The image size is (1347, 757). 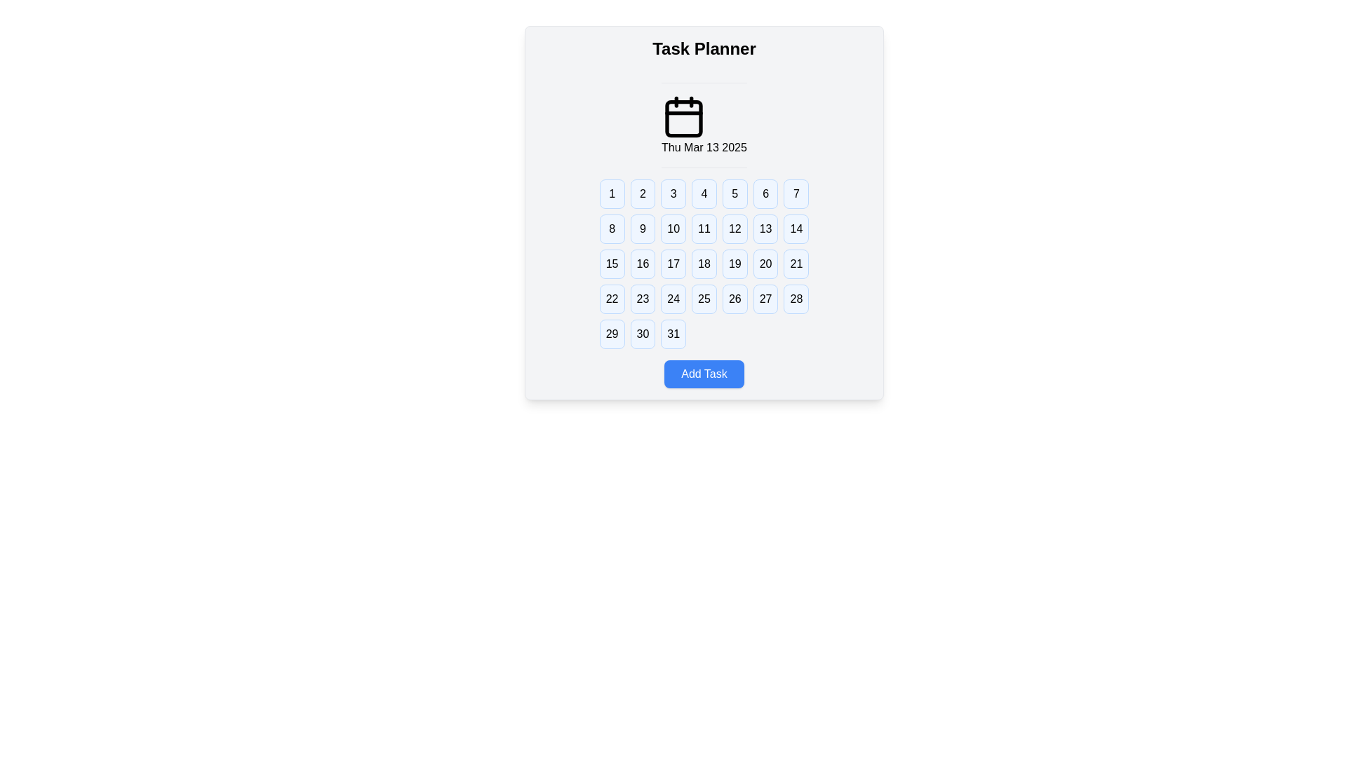 What do you see at coordinates (642, 229) in the screenshot?
I see `the button representing the 9th day of the month in the calendar grid located at the second row and second column` at bounding box center [642, 229].